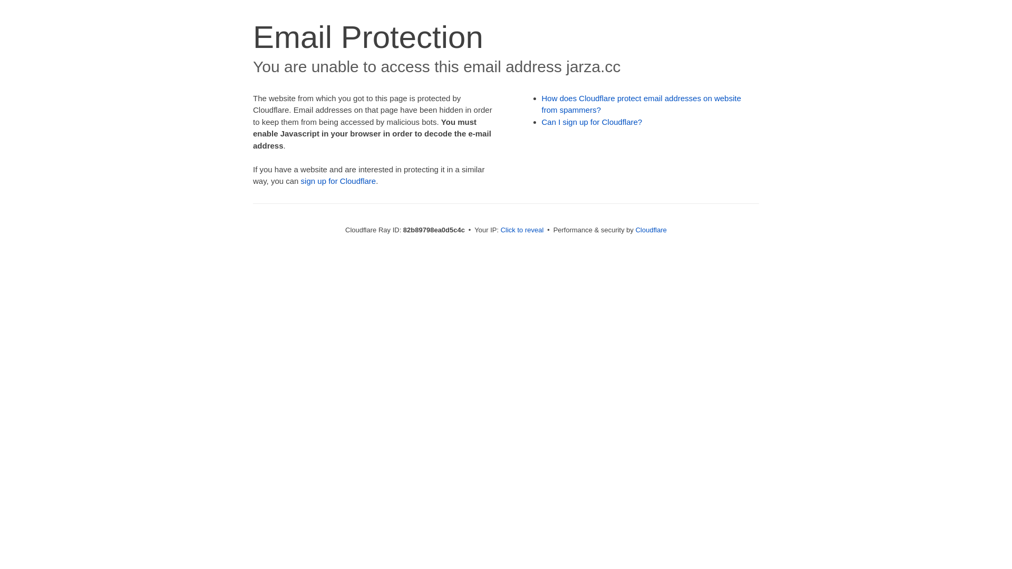 Image resolution: width=1012 pixels, height=569 pixels. I want to click on 'Click to reveal', so click(522, 229).